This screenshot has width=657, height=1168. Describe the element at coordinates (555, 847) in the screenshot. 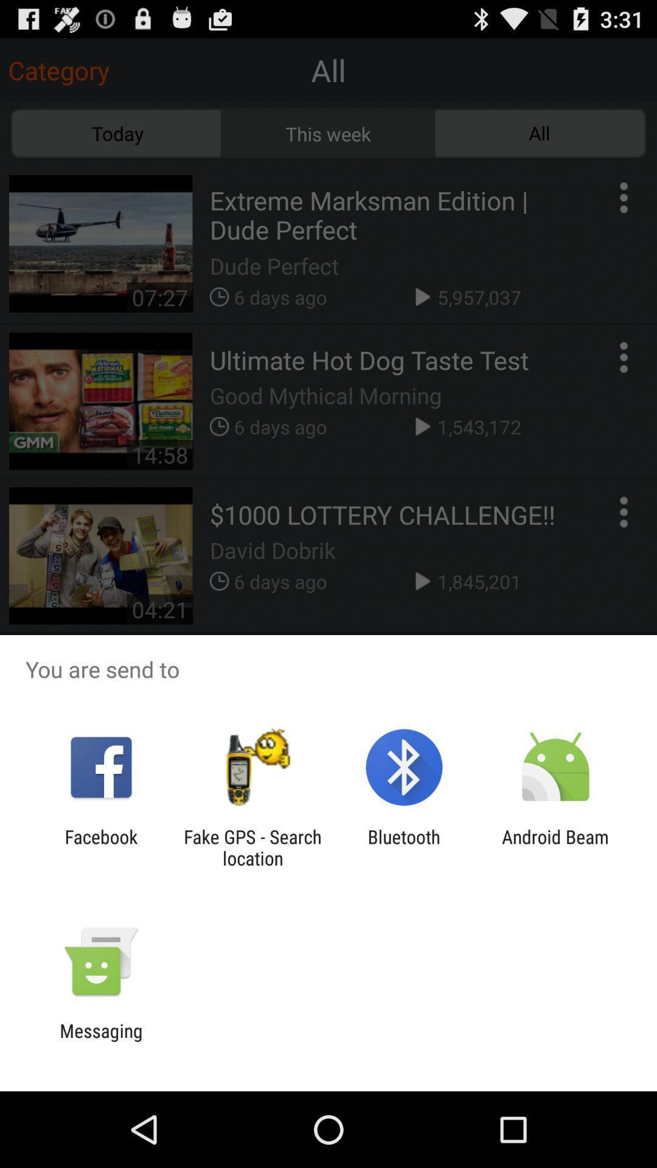

I see `the item to the right of bluetooth app` at that location.